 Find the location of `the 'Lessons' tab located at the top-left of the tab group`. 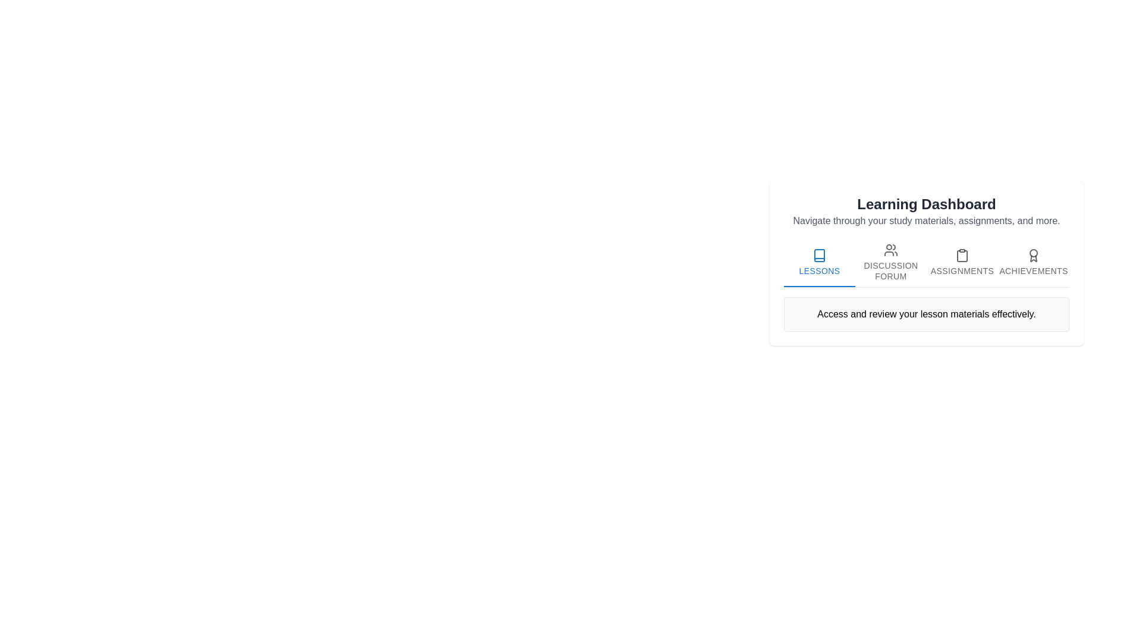

the 'Lessons' tab located at the top-left of the tab group is located at coordinates (818, 261).